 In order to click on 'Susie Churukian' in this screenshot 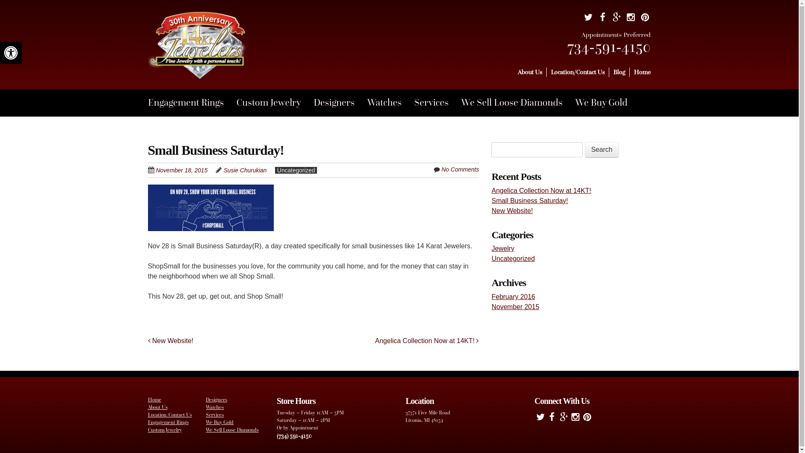, I will do `click(244, 170)`.